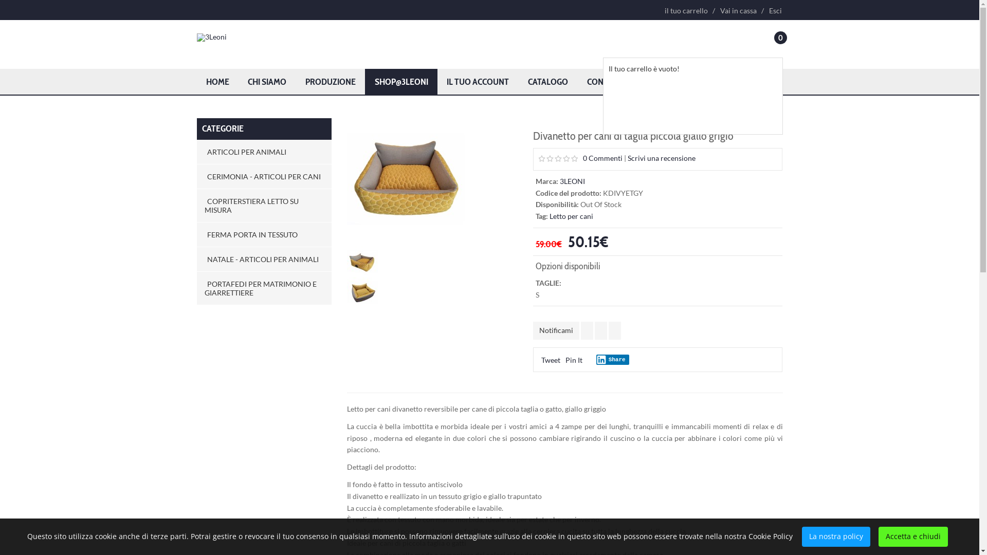 This screenshot has width=987, height=555. I want to click on 'Esci', so click(773, 10).